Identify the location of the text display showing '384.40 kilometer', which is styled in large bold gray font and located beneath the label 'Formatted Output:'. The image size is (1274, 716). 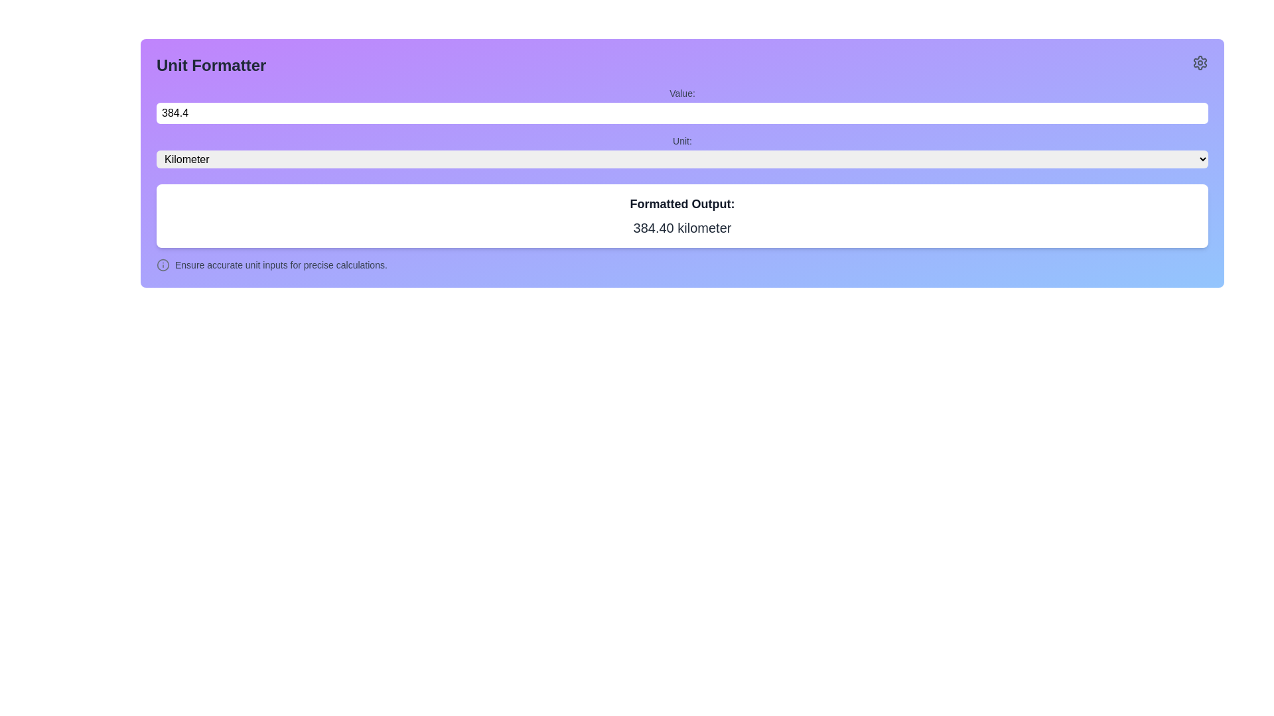
(682, 227).